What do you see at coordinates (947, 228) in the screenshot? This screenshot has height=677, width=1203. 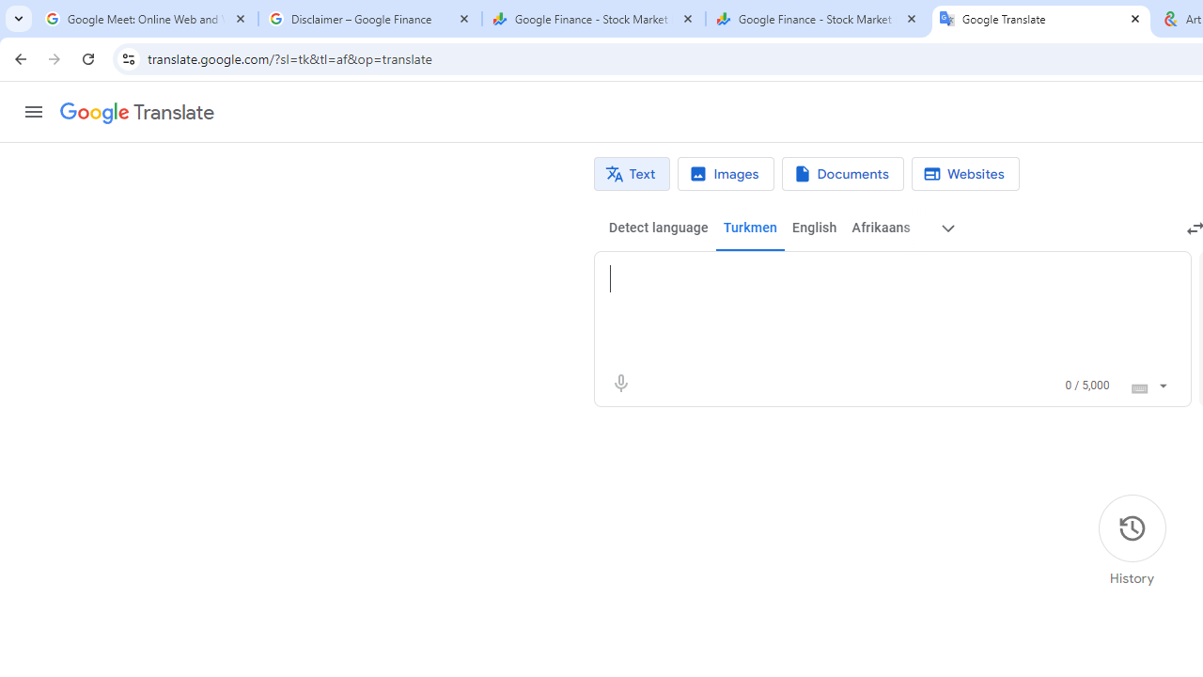 I see `'More source languages'` at bounding box center [947, 228].